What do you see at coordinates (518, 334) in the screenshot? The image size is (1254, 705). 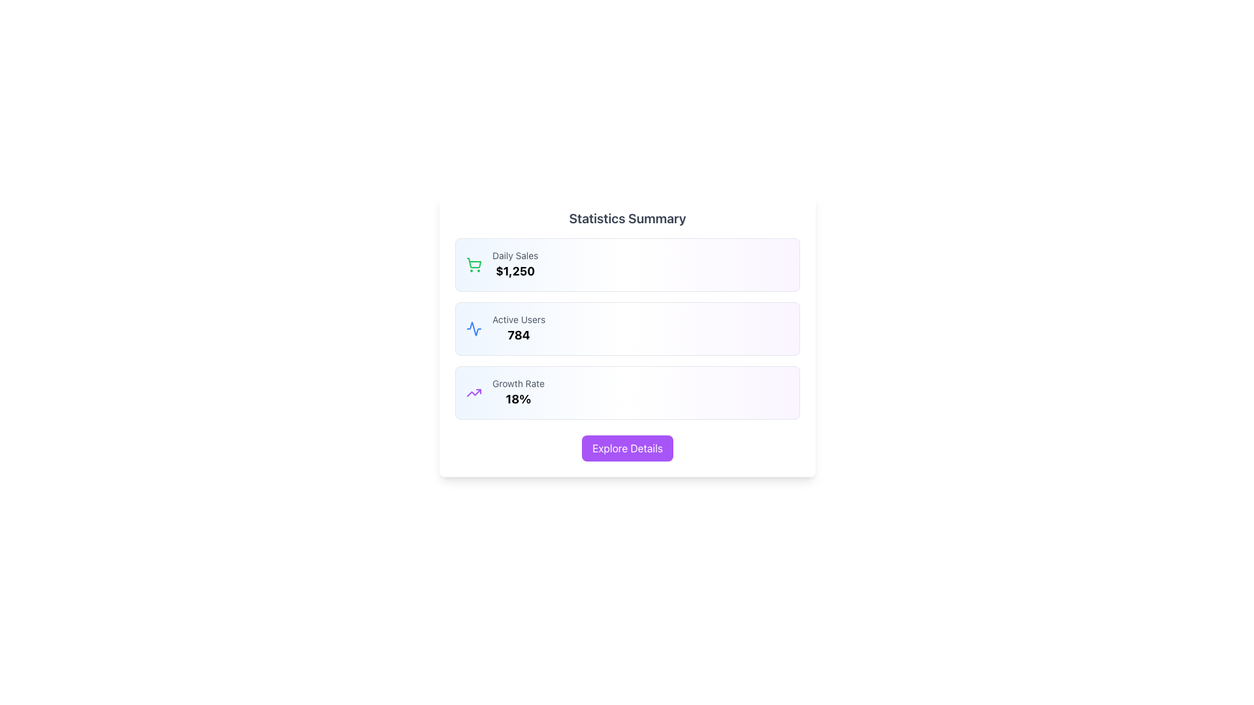 I see `the Text Display that shows the count of active users, which is located beneath the 'Active Users' label in the Statistics Summary` at bounding box center [518, 334].